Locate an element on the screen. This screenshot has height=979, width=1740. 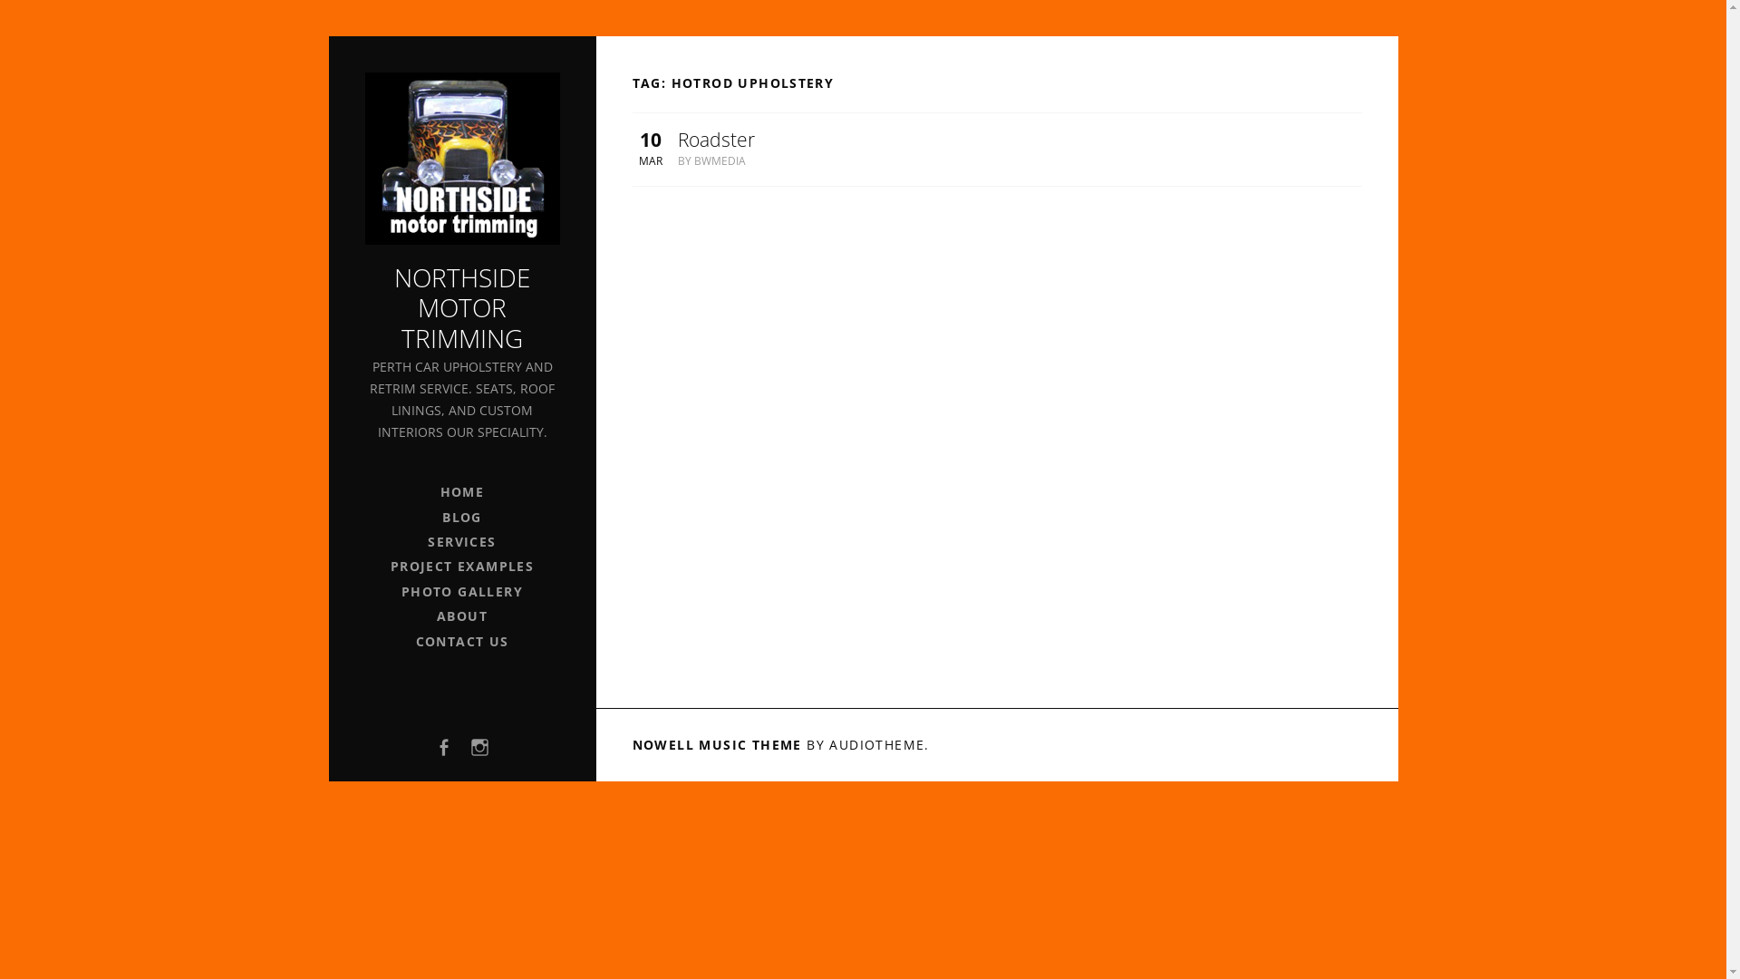
'SERVICES' is located at coordinates (461, 540).